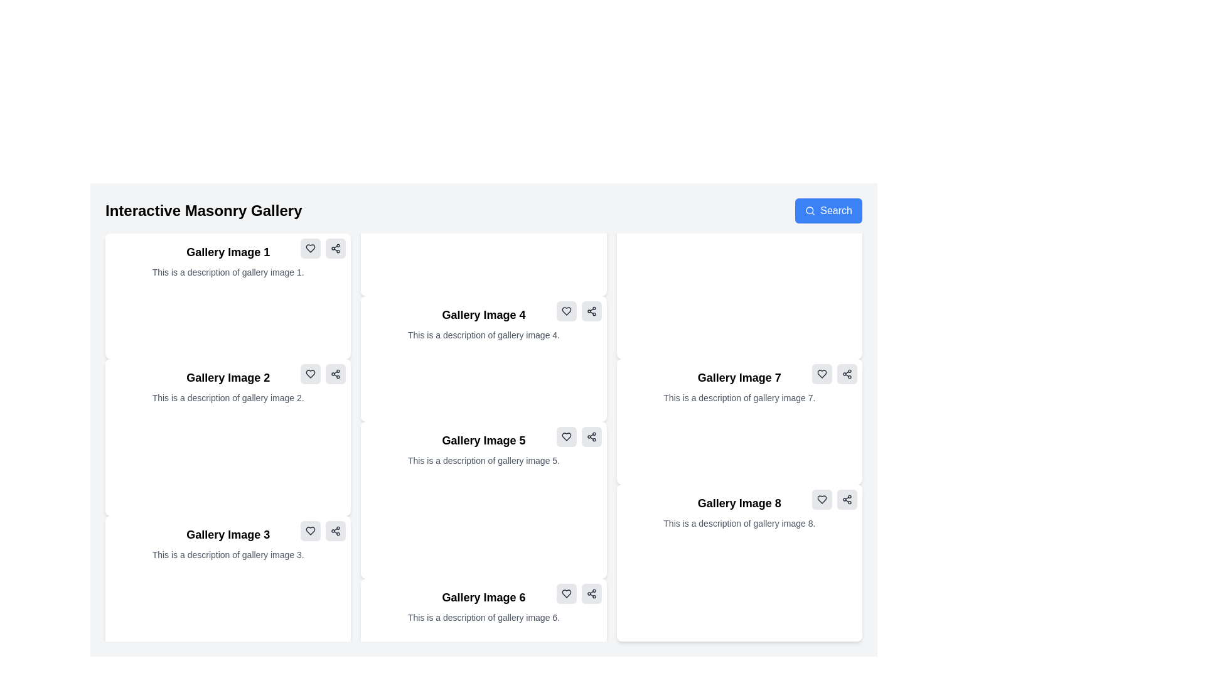 The height and width of the screenshot is (678, 1205). Describe the element at coordinates (578, 593) in the screenshot. I see `the heart icon located in the upper right corner of the 'Gallery Image 6' component, which is part of a group of interactive icons for gallery item interaction` at that location.